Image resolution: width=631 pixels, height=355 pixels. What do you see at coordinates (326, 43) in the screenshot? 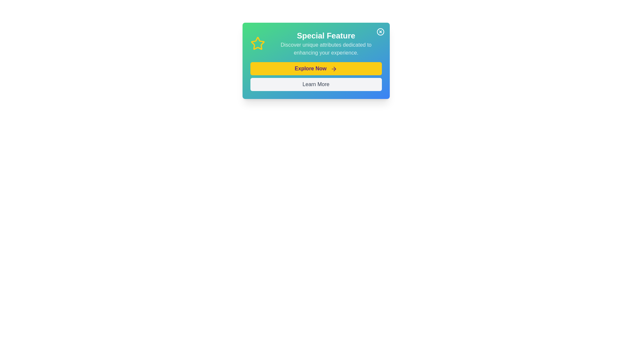
I see `the Text block that serves as an informational header for the feature highlighted within the card, located to the right of a yellow star icon and above two buttons labeled 'Explore Now' and 'Learn More'` at bounding box center [326, 43].